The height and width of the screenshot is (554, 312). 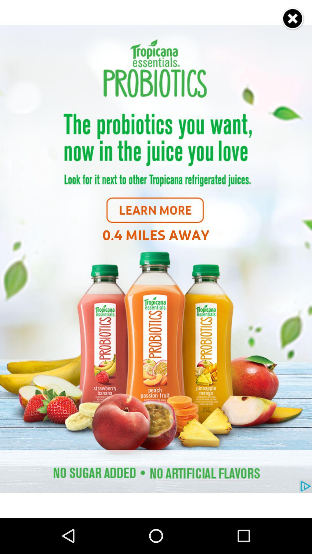 I want to click on the option, so click(x=293, y=19).